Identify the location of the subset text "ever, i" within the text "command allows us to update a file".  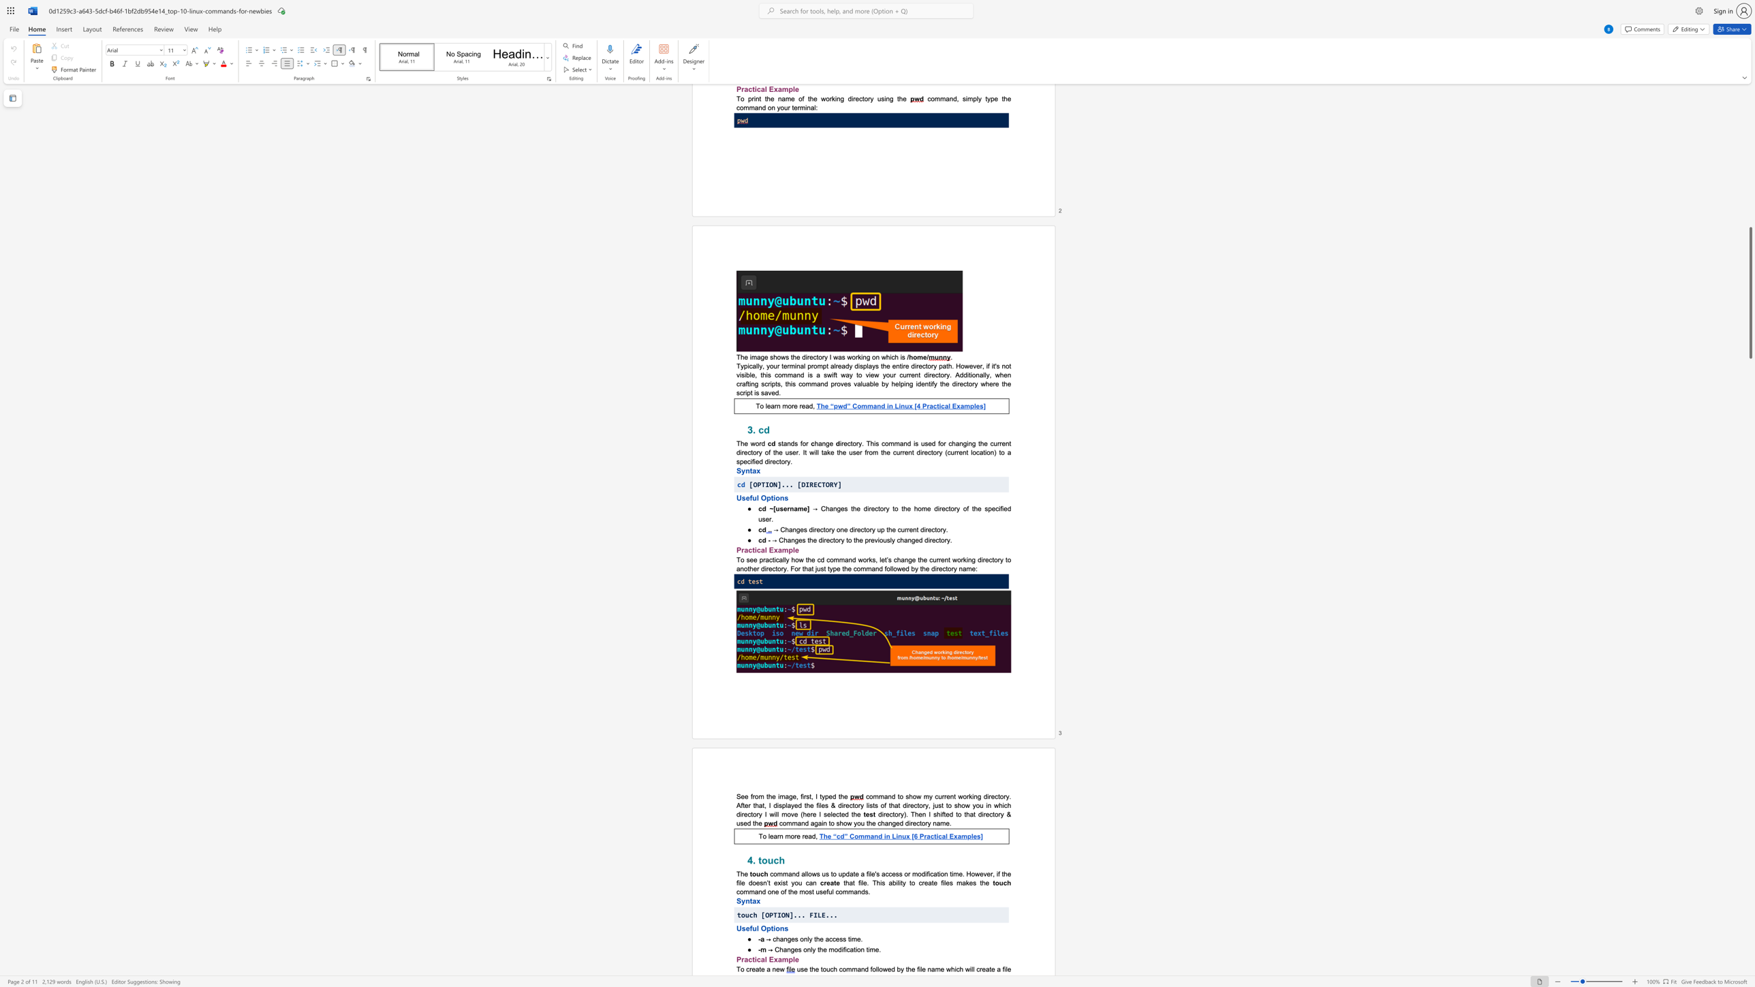
(980, 873).